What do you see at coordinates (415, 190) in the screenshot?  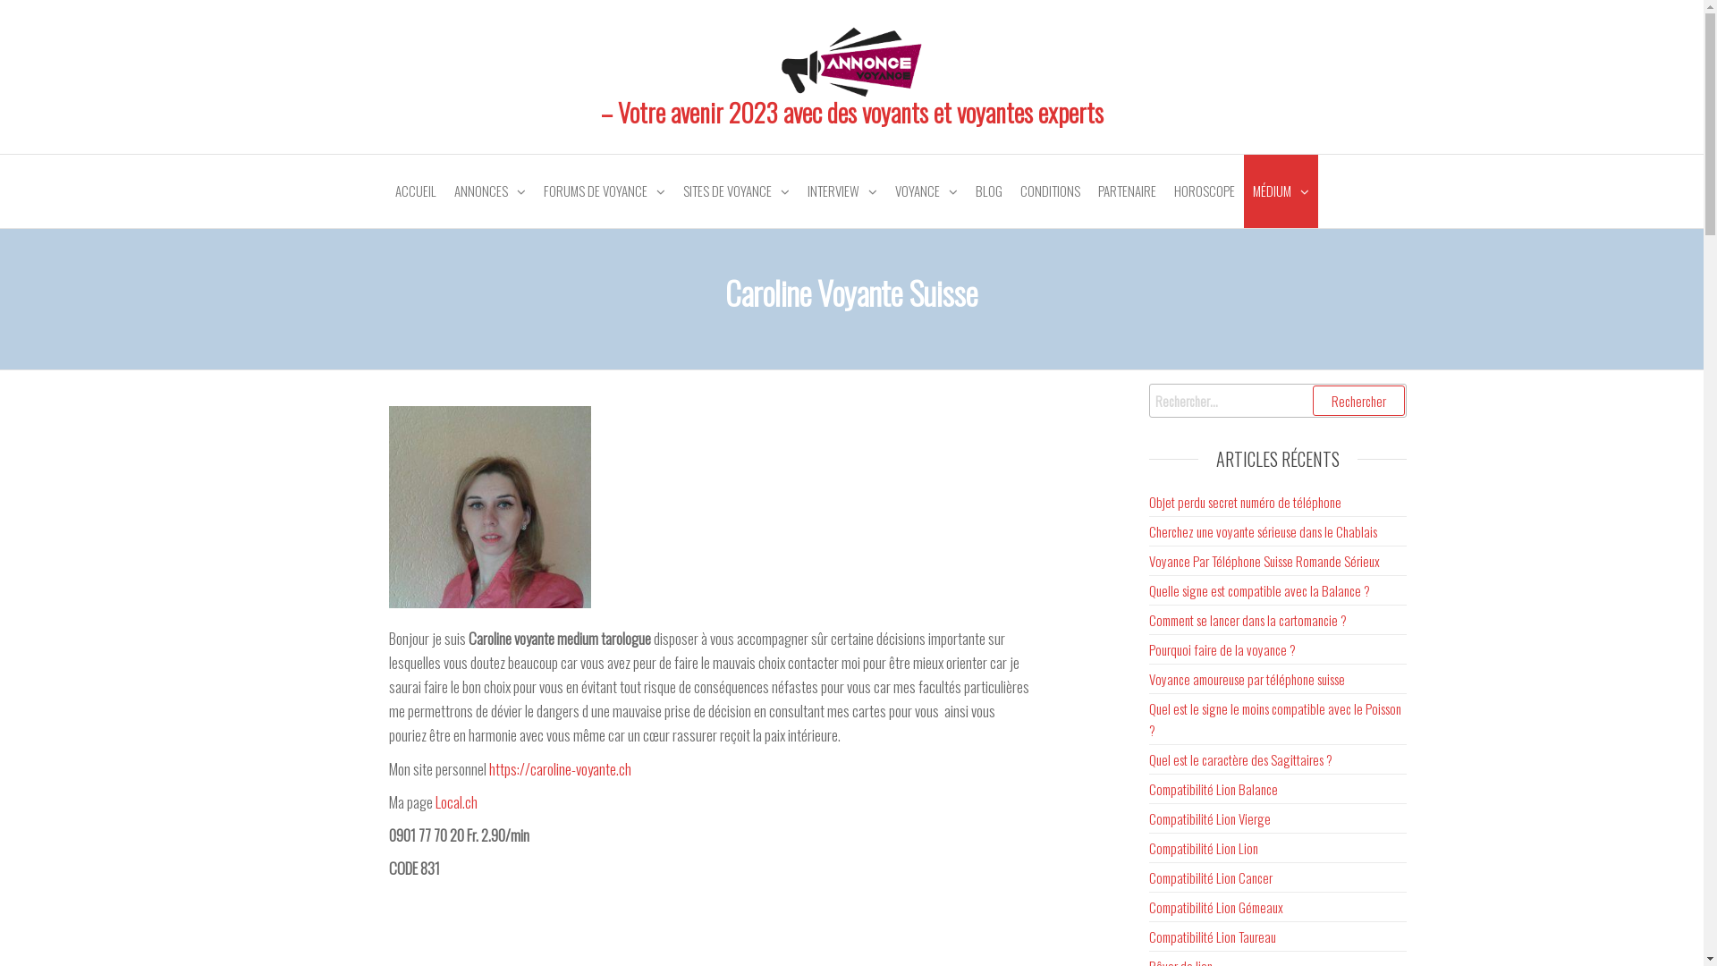 I see `'ACCUEIL'` at bounding box center [415, 190].